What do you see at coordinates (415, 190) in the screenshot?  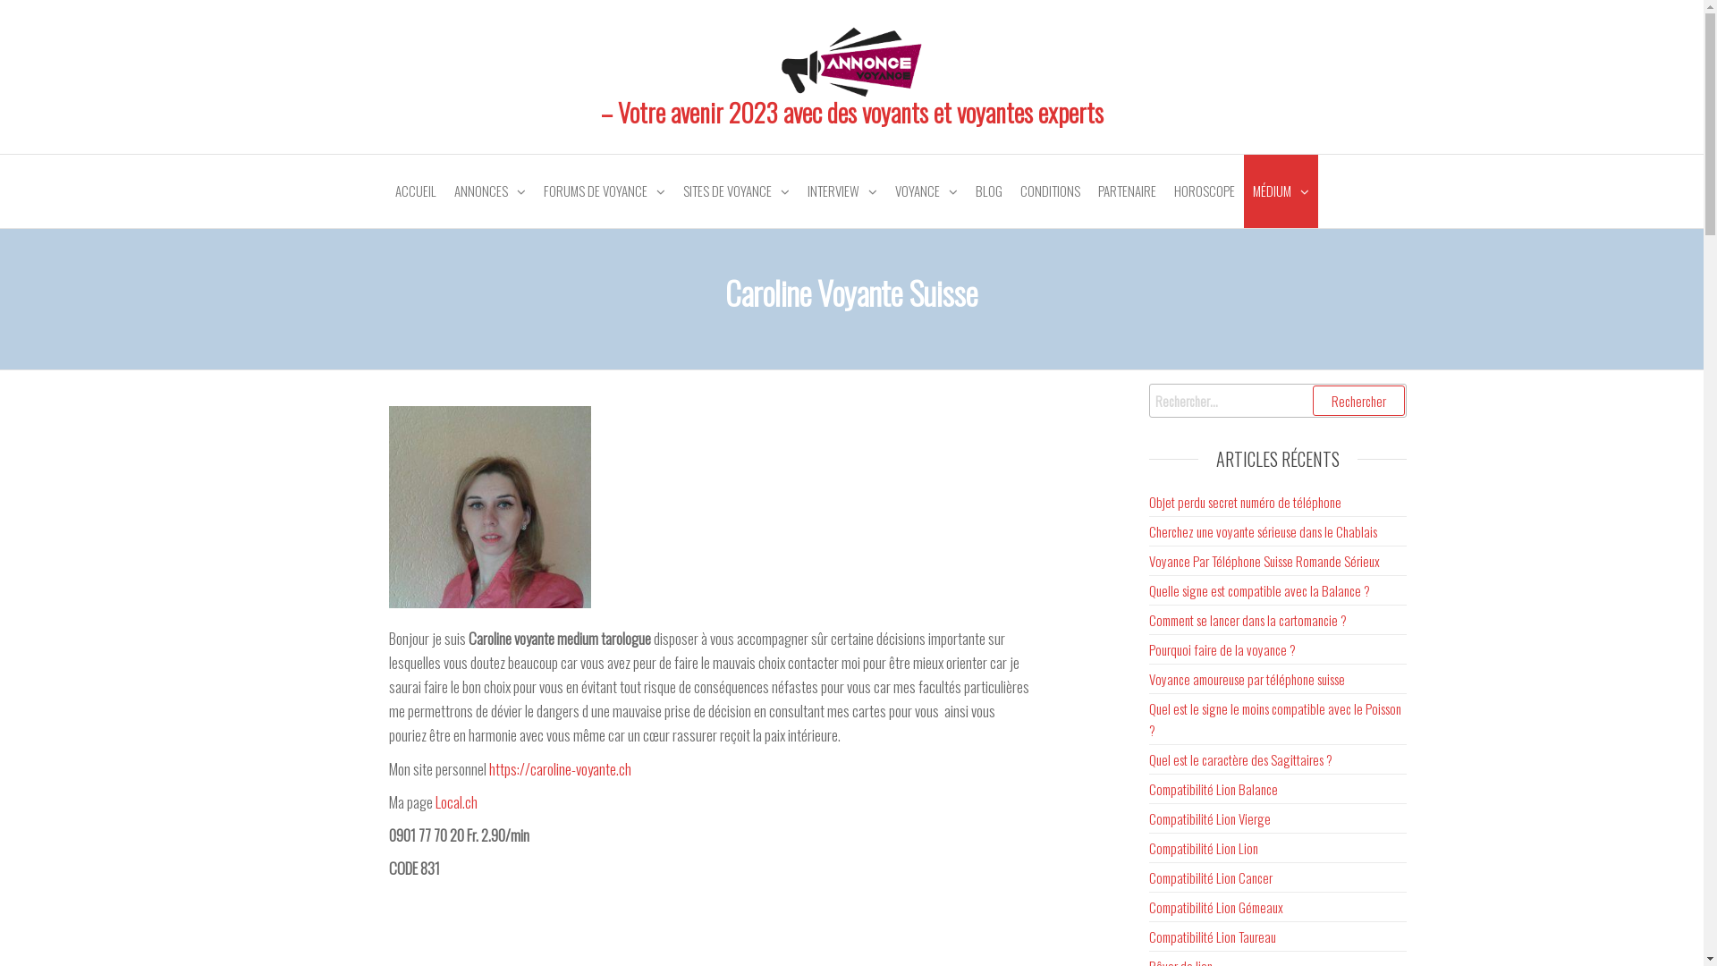 I see `'ACCUEIL'` at bounding box center [415, 190].